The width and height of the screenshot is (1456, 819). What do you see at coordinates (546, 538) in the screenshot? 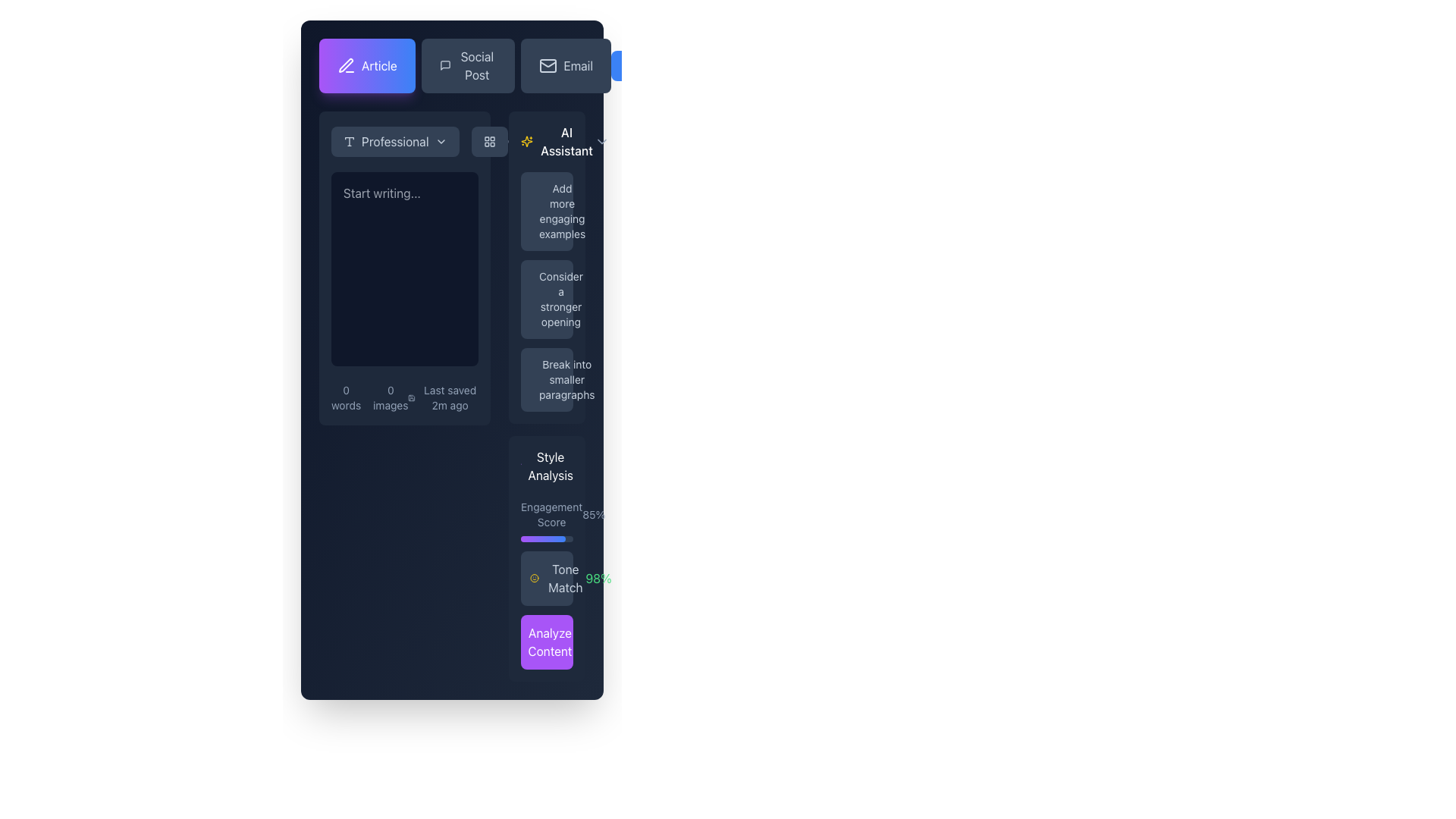
I see `the progress visually on the horizontal progress bar located under the 'Engagement Score' text in the 'Style Analysis' section` at bounding box center [546, 538].